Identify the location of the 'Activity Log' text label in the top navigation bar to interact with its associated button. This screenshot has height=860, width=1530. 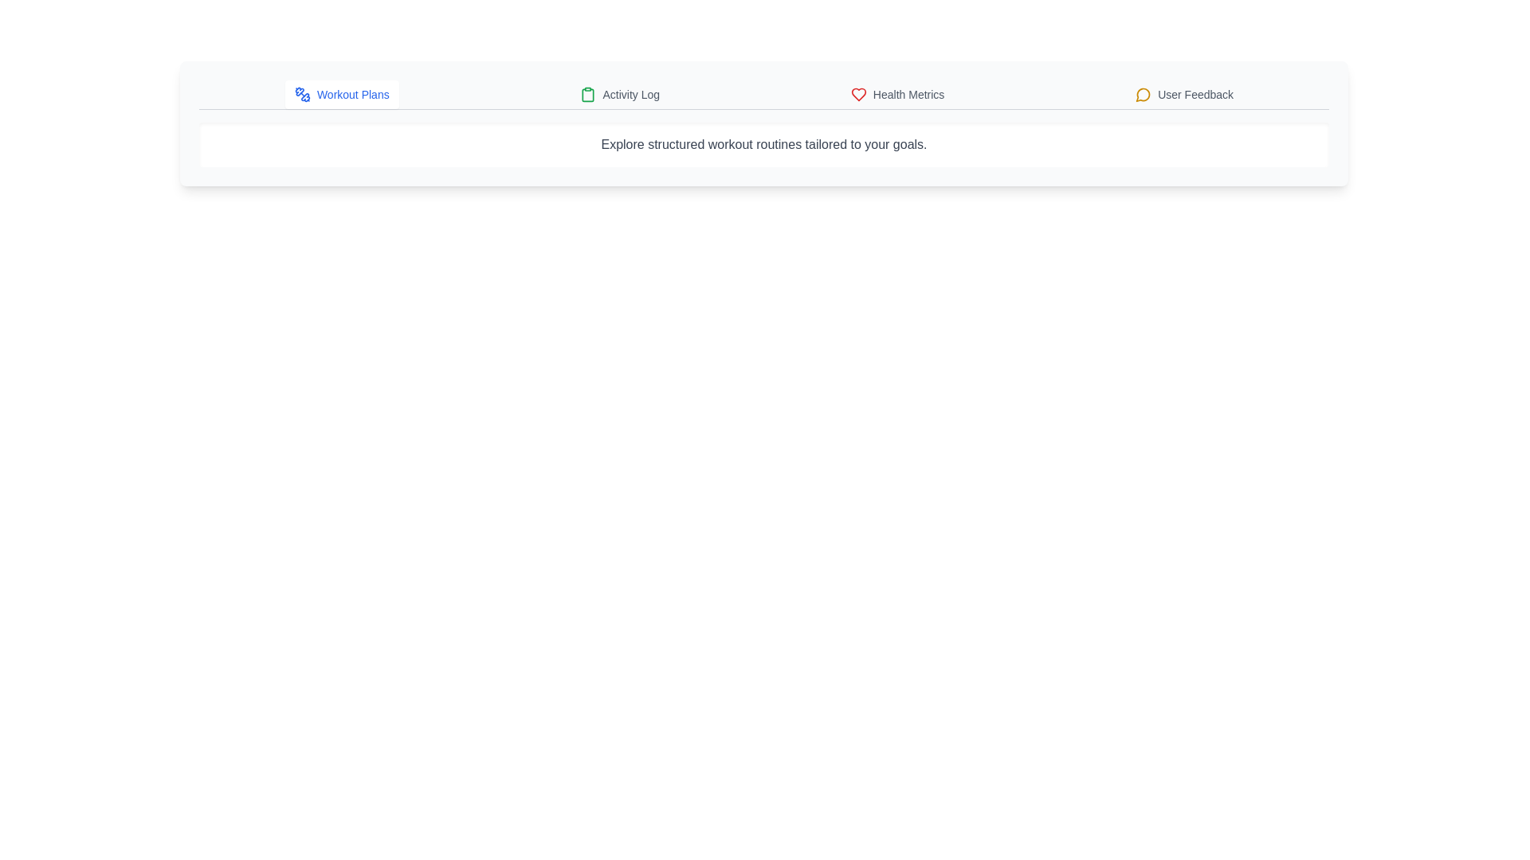
(630, 95).